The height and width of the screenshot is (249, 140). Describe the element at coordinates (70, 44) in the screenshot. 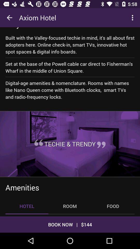

I see `built with the icon` at that location.